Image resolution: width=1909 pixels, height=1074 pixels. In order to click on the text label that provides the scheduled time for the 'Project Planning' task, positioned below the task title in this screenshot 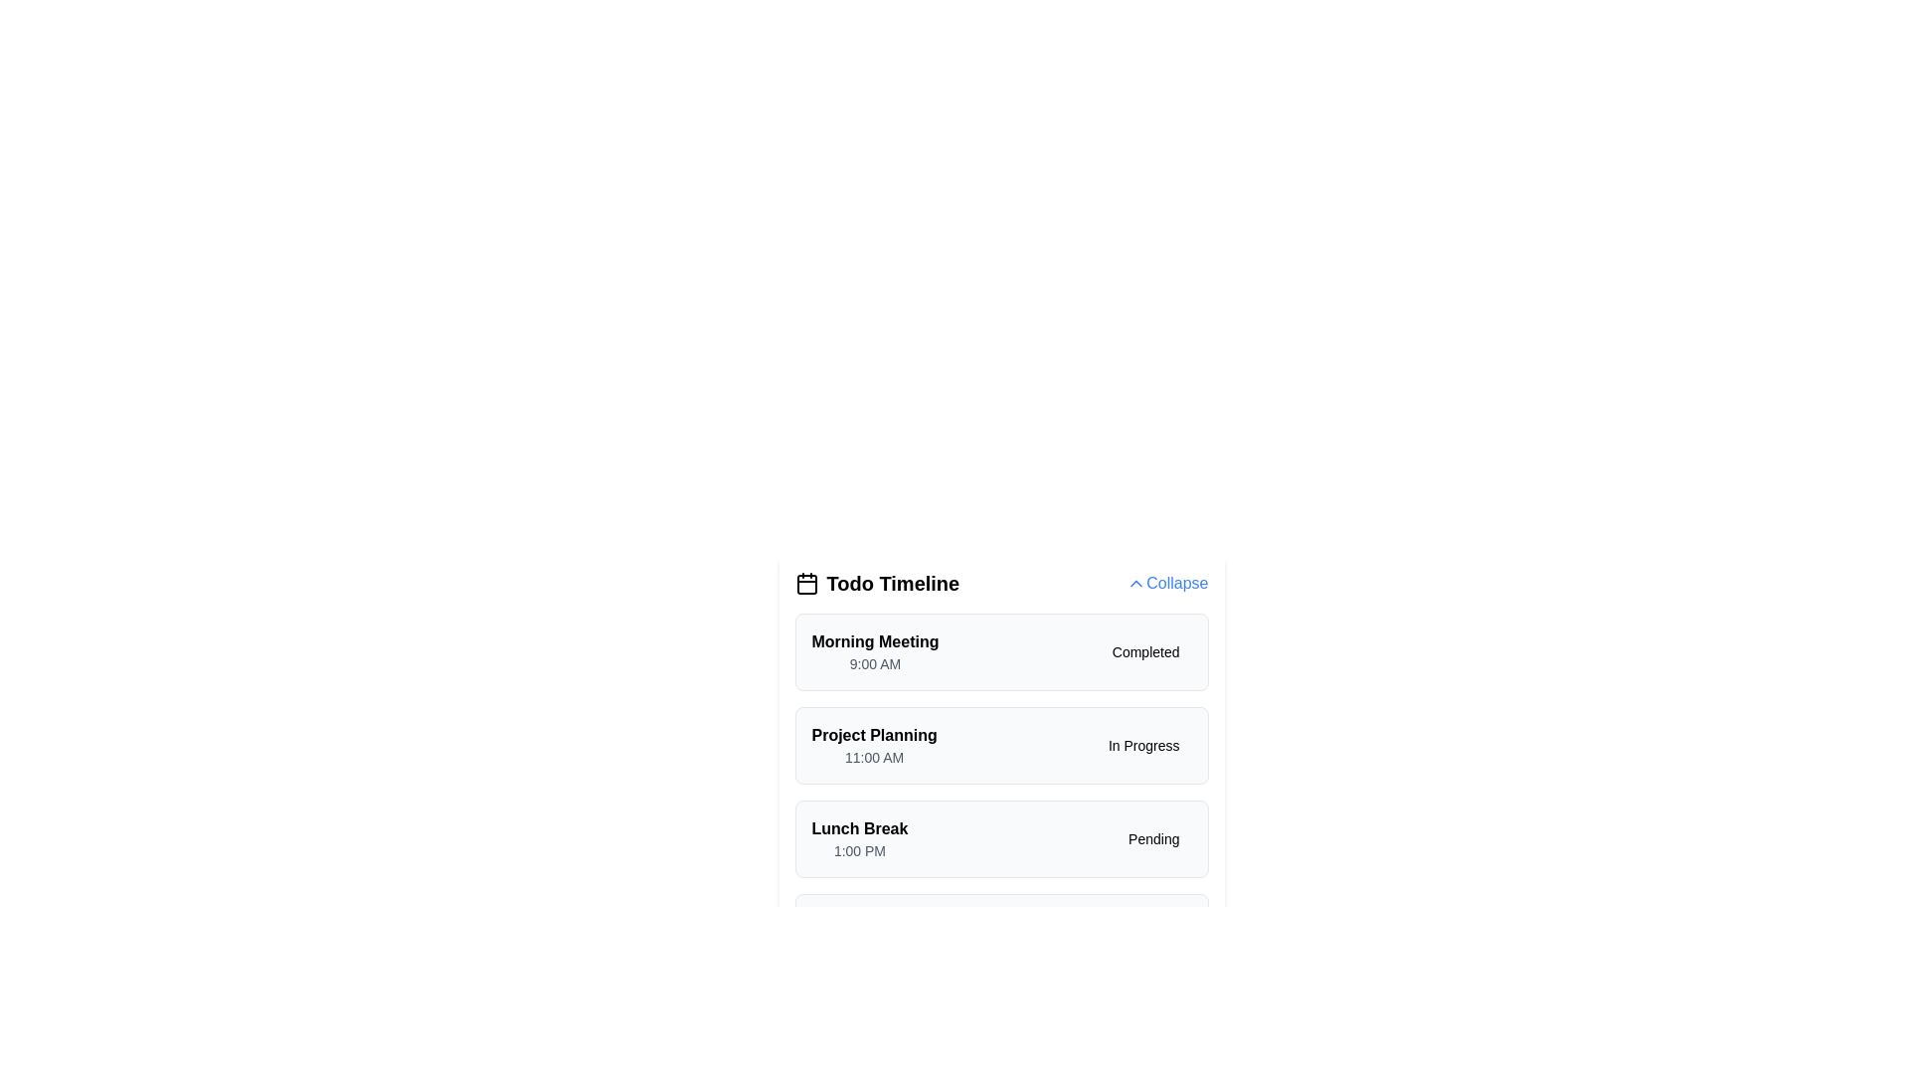, I will do `click(874, 758)`.